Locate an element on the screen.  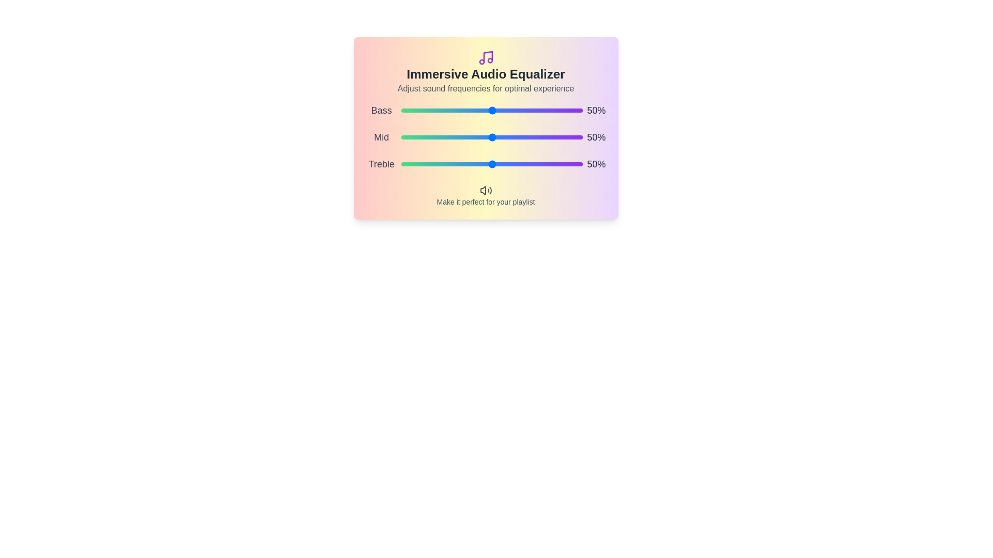
the 0 slider to 70% is located at coordinates (555, 110).